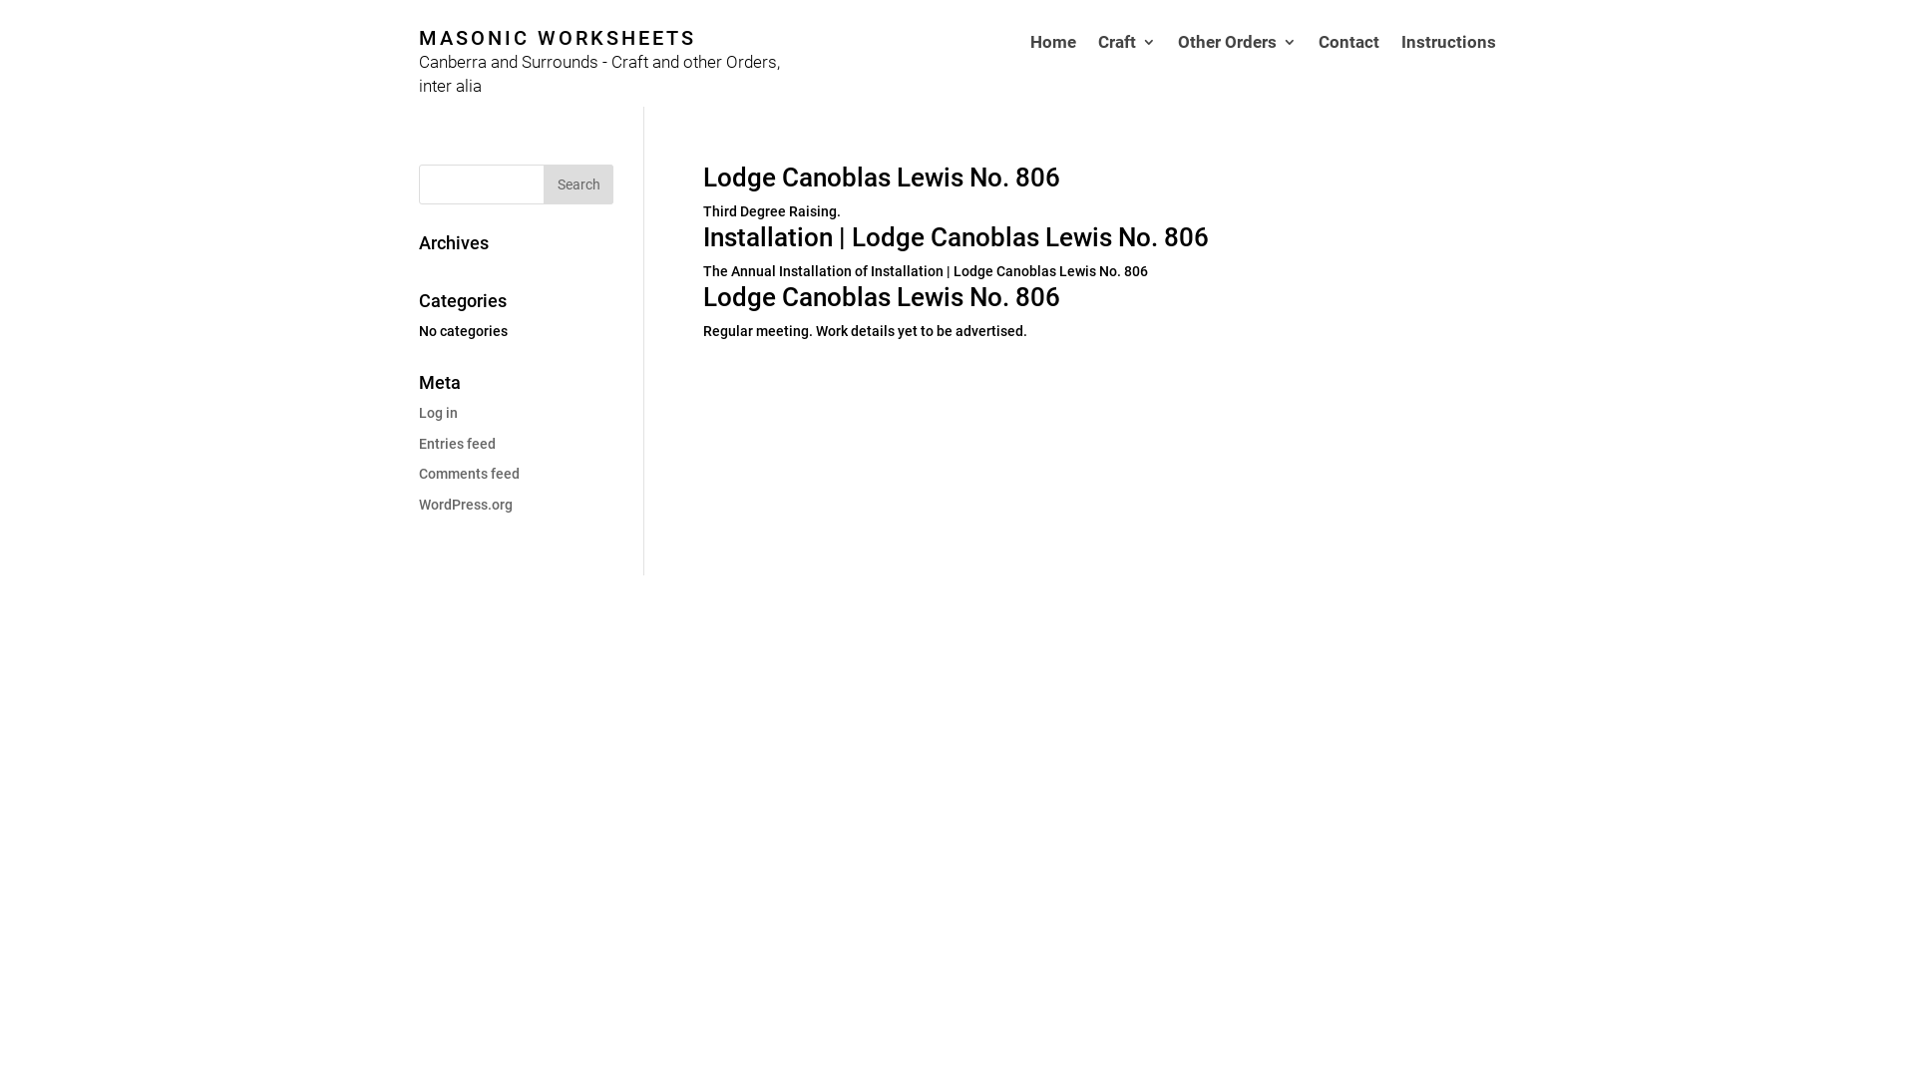 This screenshot has width=1915, height=1077. I want to click on 'Home', so click(1029, 69).